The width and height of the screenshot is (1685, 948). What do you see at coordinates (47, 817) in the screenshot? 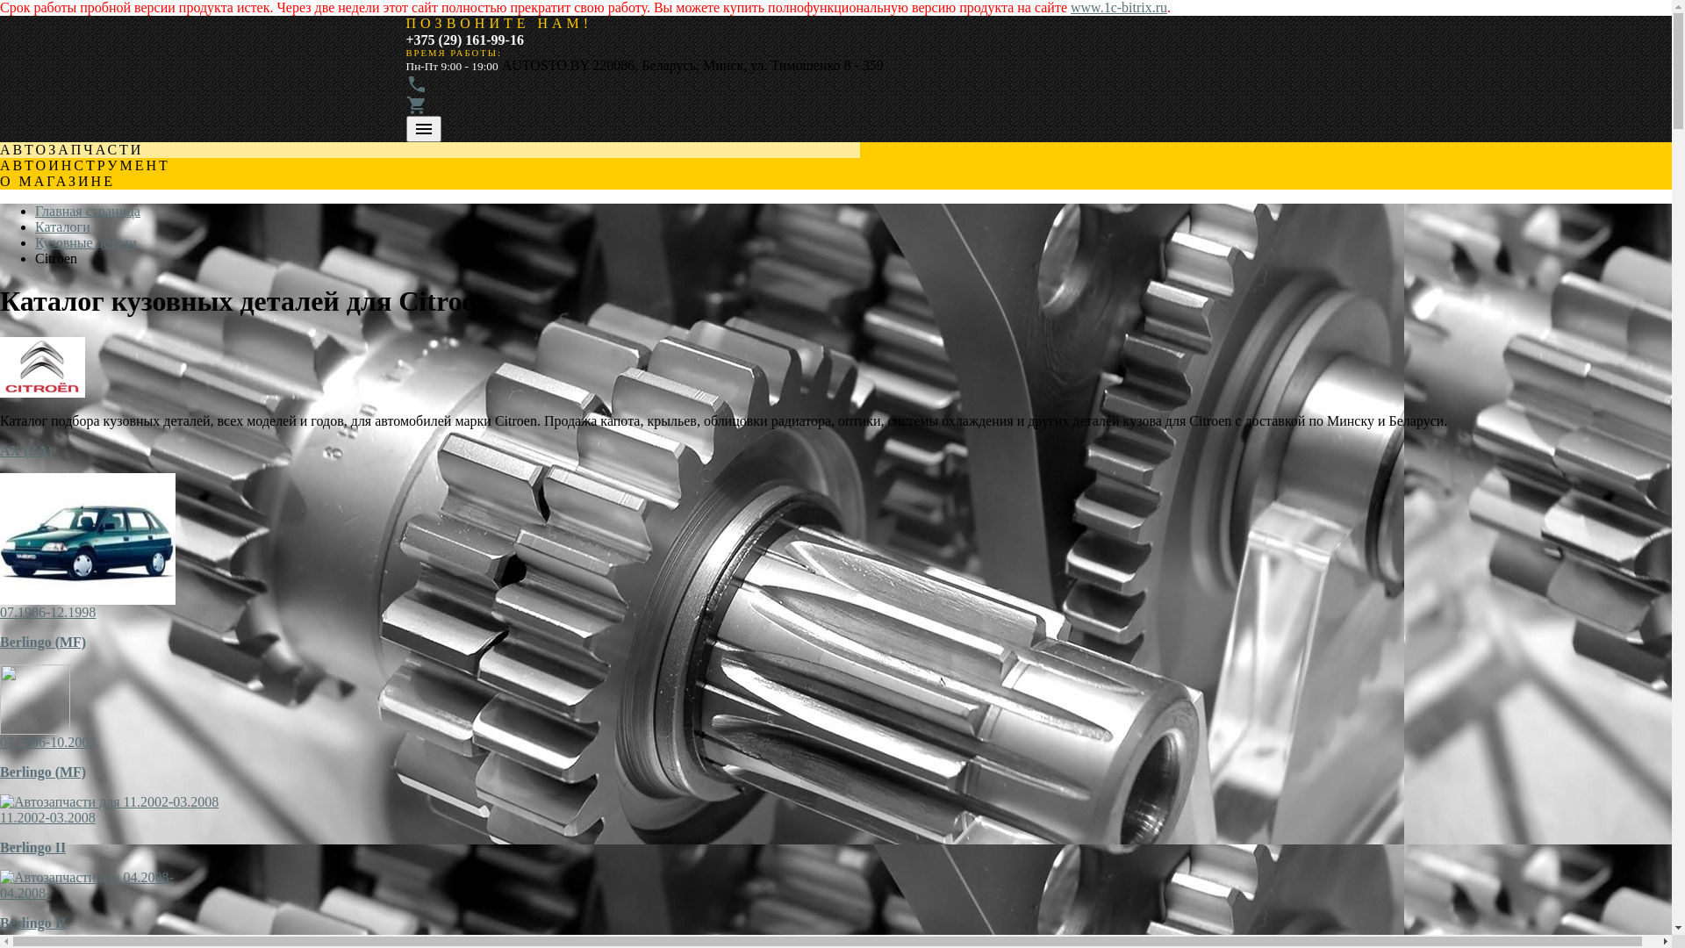
I see `'11.2002-03.2008'` at bounding box center [47, 817].